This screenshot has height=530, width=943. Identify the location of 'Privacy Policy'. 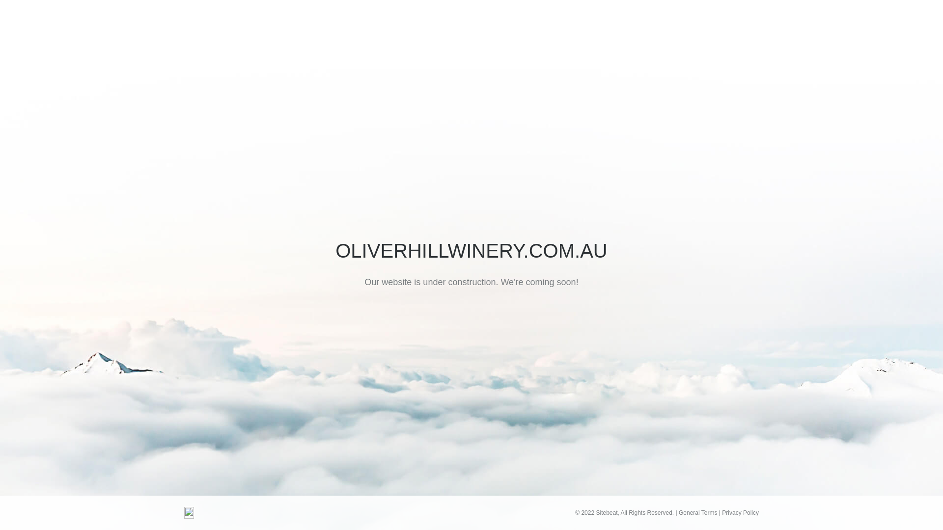
(740, 512).